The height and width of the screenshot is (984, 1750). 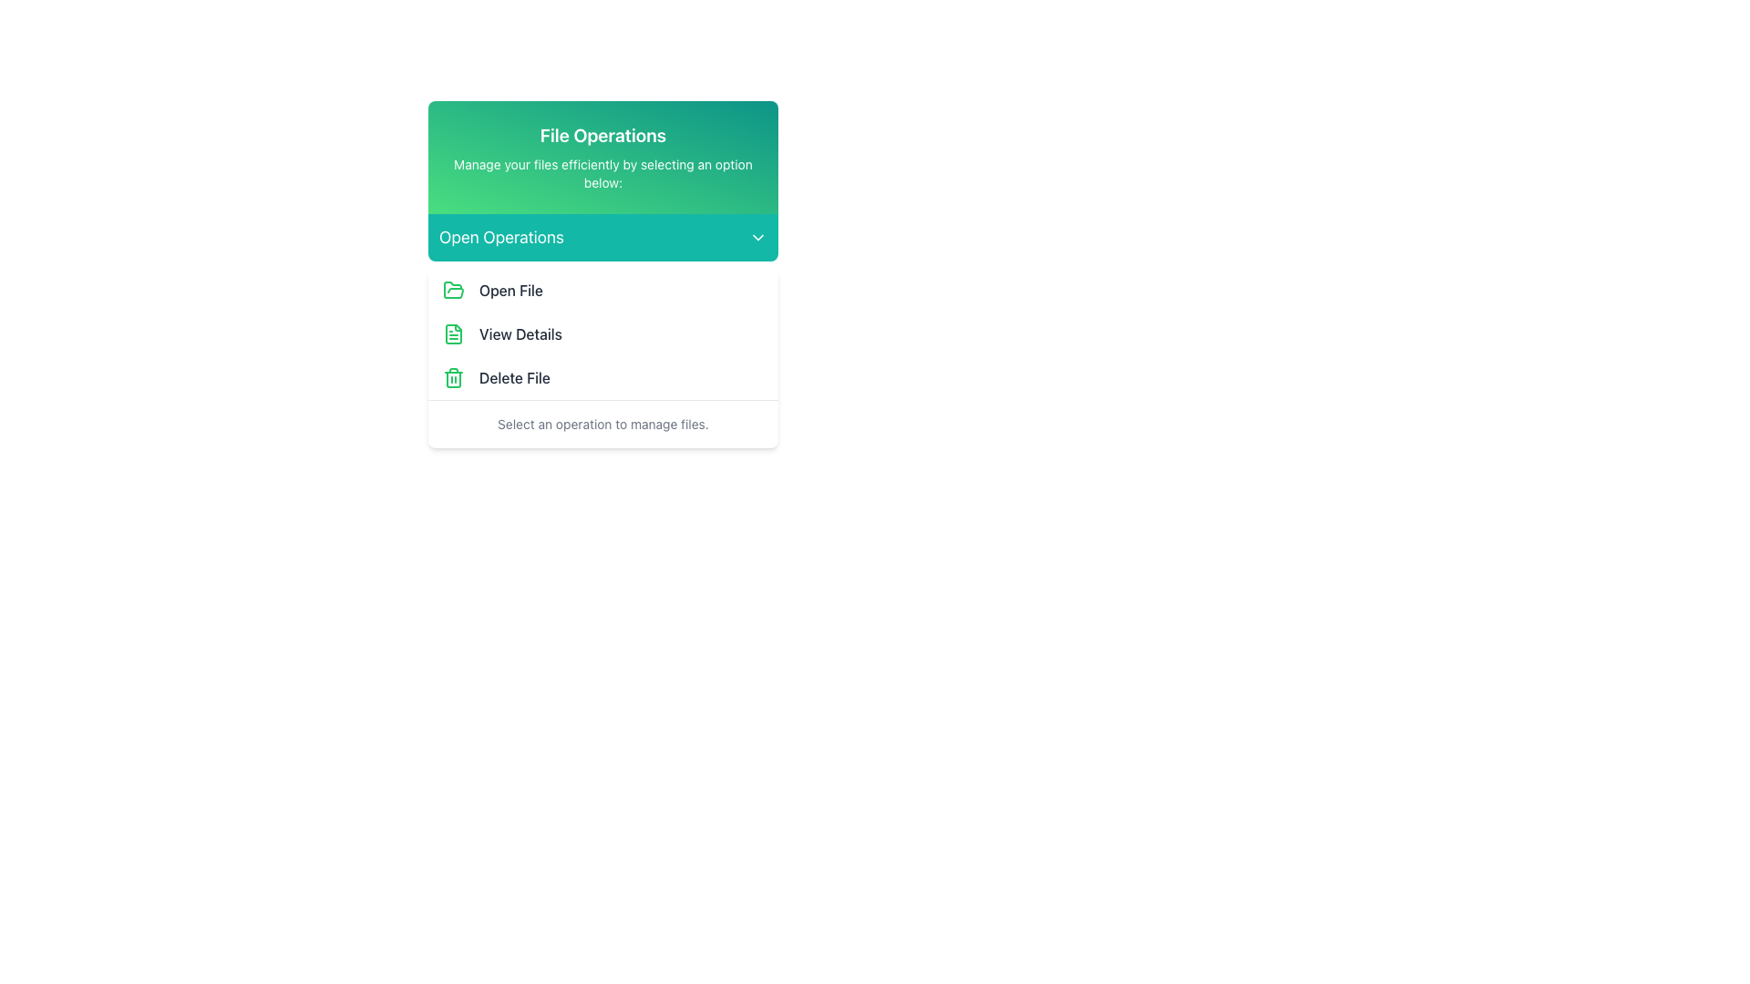 What do you see at coordinates (520, 333) in the screenshot?
I see `text label that says 'View Details', which is styled in medium gray font and located to the right of a green file icon in the 'Open Operations' section` at bounding box center [520, 333].